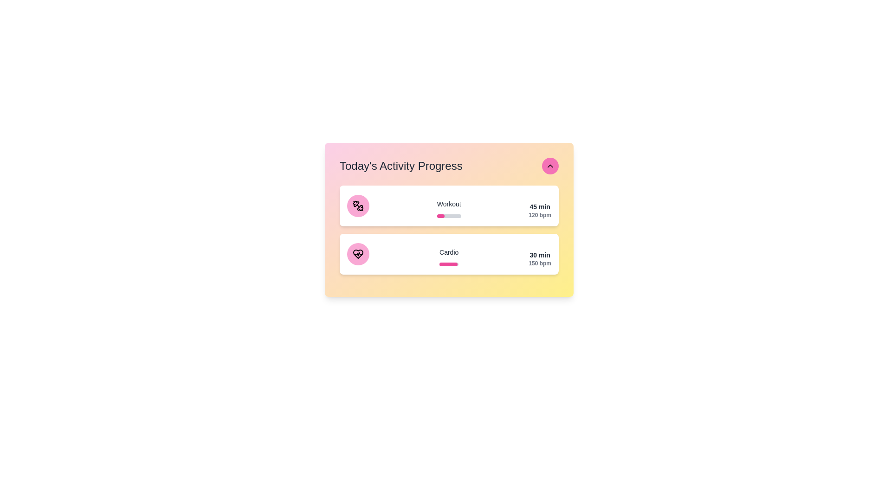 The height and width of the screenshot is (501, 891). I want to click on the heart rate indicator text label that displays beats per minute, located below the '45 min' text in the workout activity summary, so click(540, 215).